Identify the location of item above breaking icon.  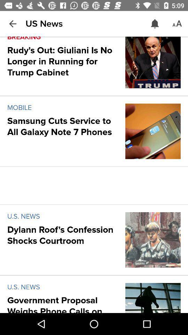
(44, 24).